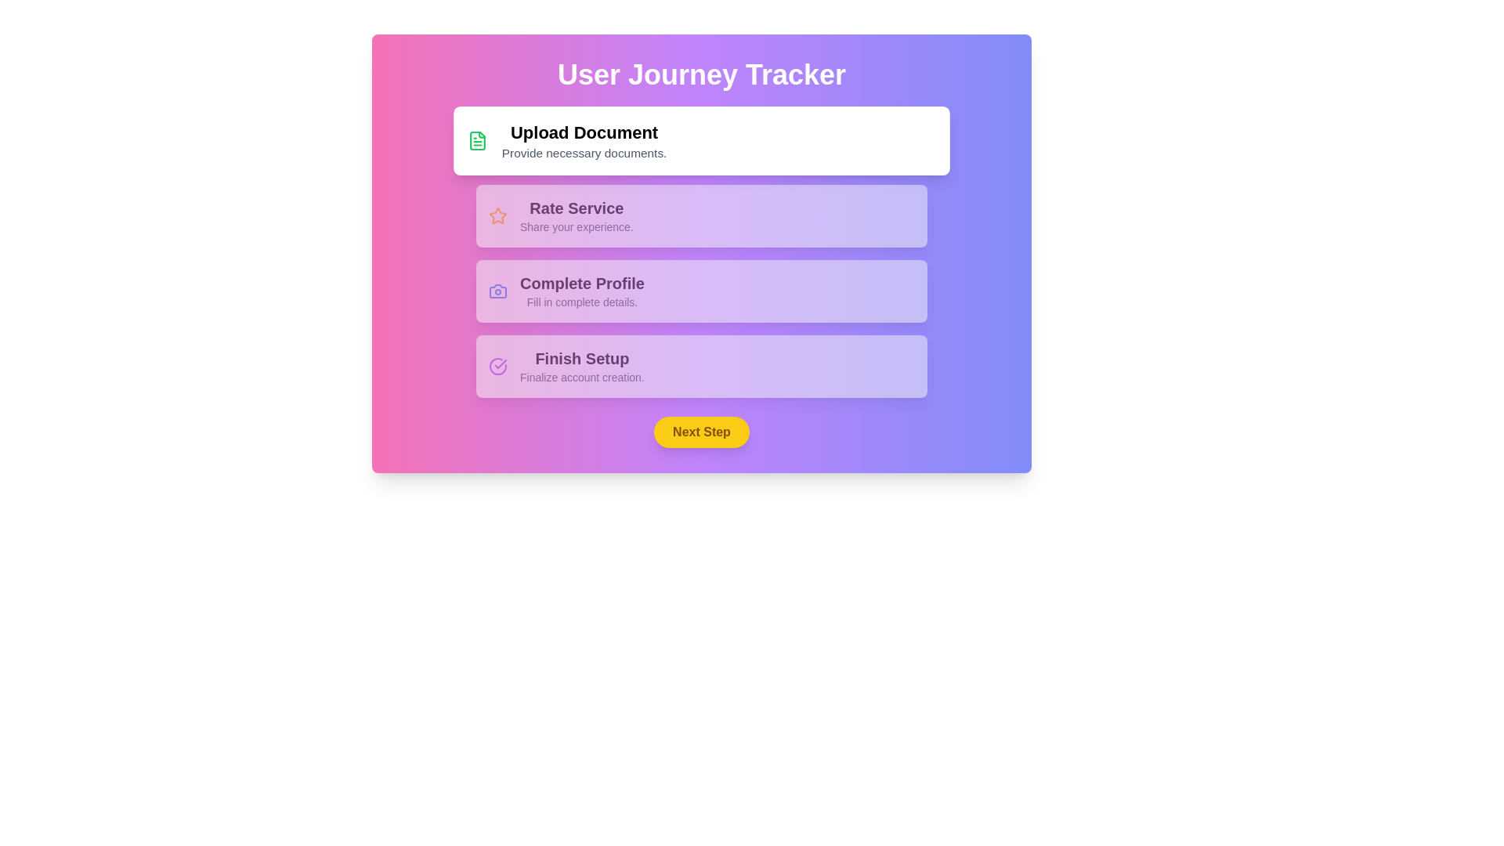 This screenshot has width=1504, height=846. What do you see at coordinates (497, 216) in the screenshot?
I see `the star-shaped yellow icon with an outlined border that is located to the left of the 'Rate Service' text` at bounding box center [497, 216].